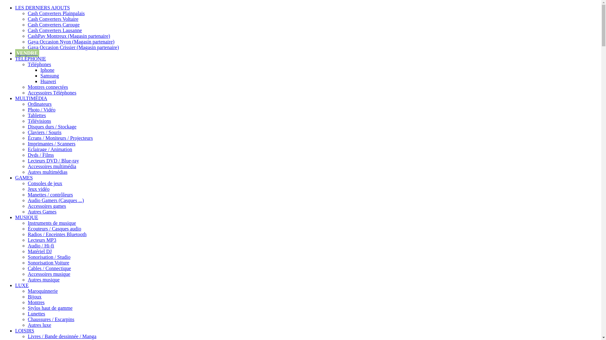 The width and height of the screenshot is (606, 340). Describe the element at coordinates (27, 319) in the screenshot. I see `'Chaussures / Escarpins'` at that location.